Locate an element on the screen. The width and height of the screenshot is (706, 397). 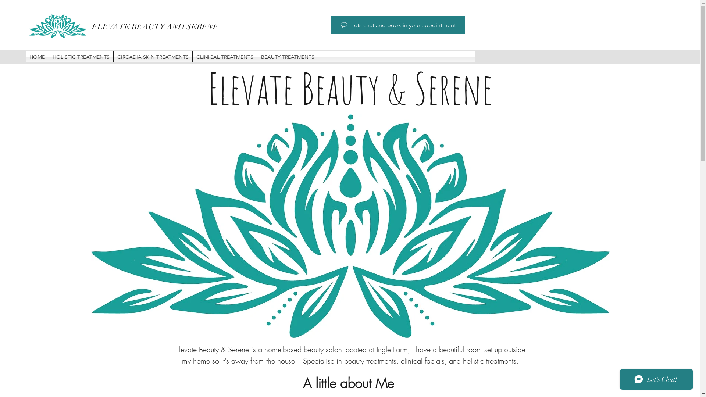
'HOME' is located at coordinates (36, 56).